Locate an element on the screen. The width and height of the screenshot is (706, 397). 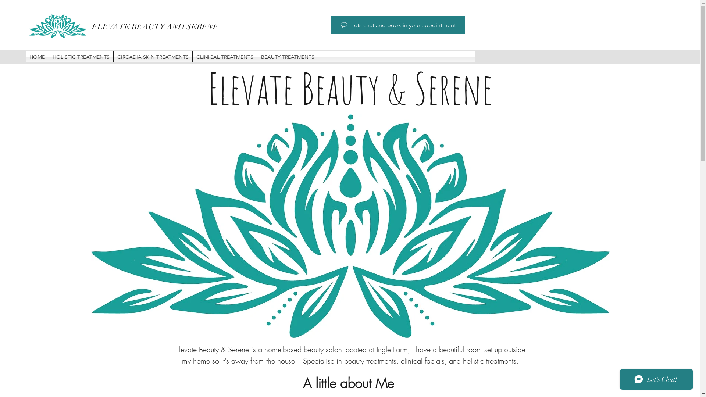
'HOME' is located at coordinates (36, 56).